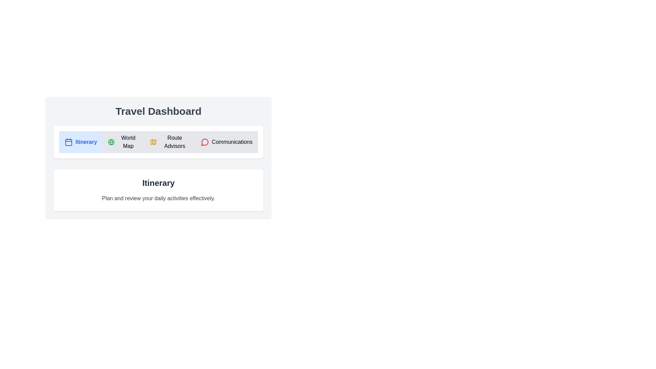 Image resolution: width=656 pixels, height=369 pixels. What do you see at coordinates (170, 142) in the screenshot?
I see `the tab titled Route Advisors to switch to it` at bounding box center [170, 142].